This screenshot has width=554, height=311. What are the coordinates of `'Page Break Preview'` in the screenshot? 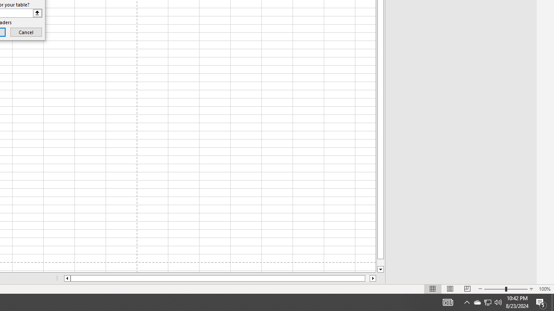 It's located at (467, 289).